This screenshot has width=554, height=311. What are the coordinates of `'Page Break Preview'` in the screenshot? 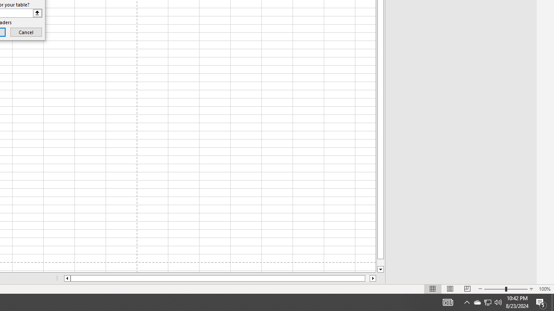 It's located at (467, 289).